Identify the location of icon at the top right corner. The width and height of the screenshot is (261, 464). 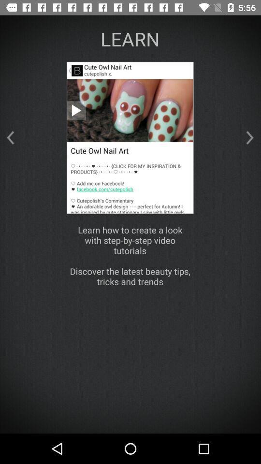
(250, 137).